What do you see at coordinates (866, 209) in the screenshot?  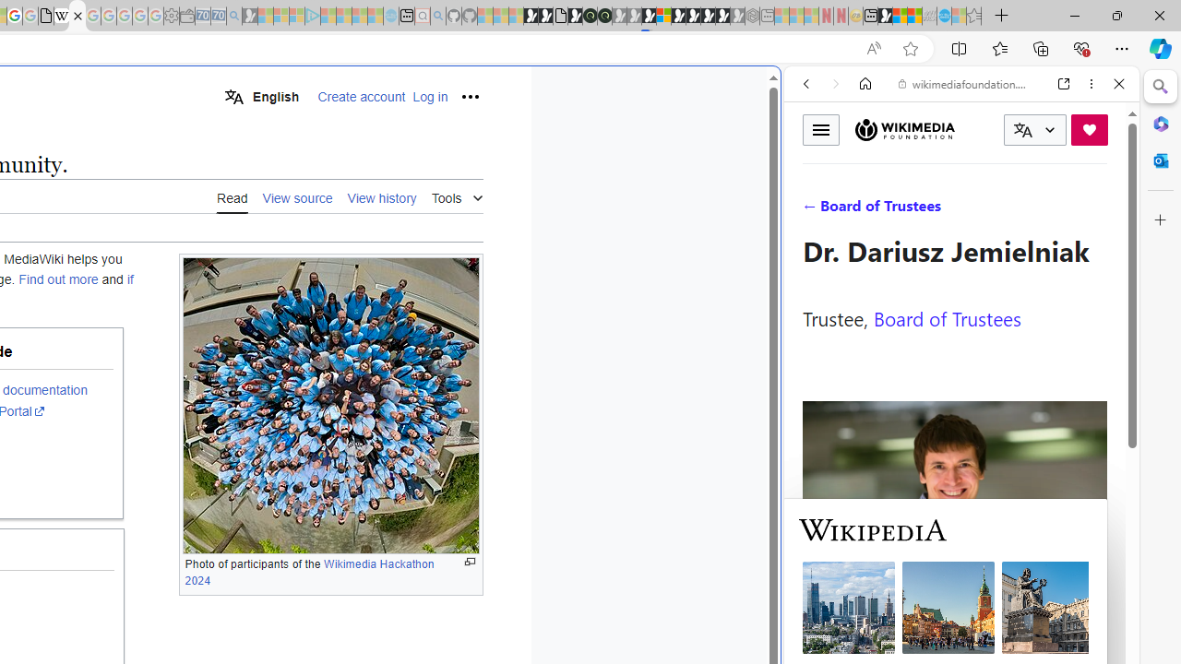 I see `'Search Filter, IMAGES'` at bounding box center [866, 209].